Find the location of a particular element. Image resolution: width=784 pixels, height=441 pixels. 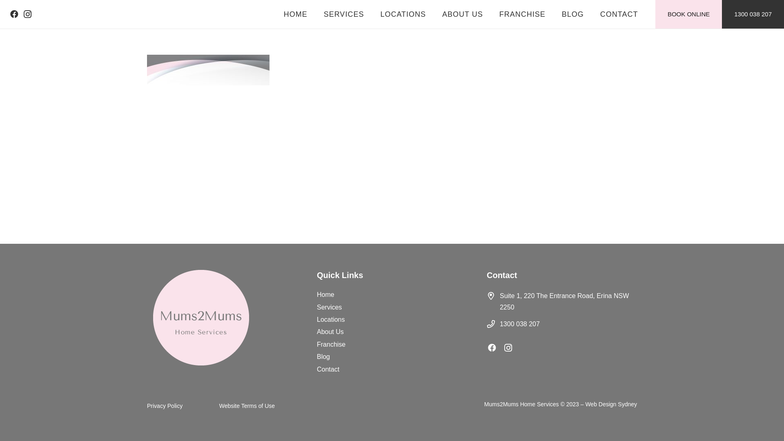

'Facebook' is located at coordinates (495, 348).